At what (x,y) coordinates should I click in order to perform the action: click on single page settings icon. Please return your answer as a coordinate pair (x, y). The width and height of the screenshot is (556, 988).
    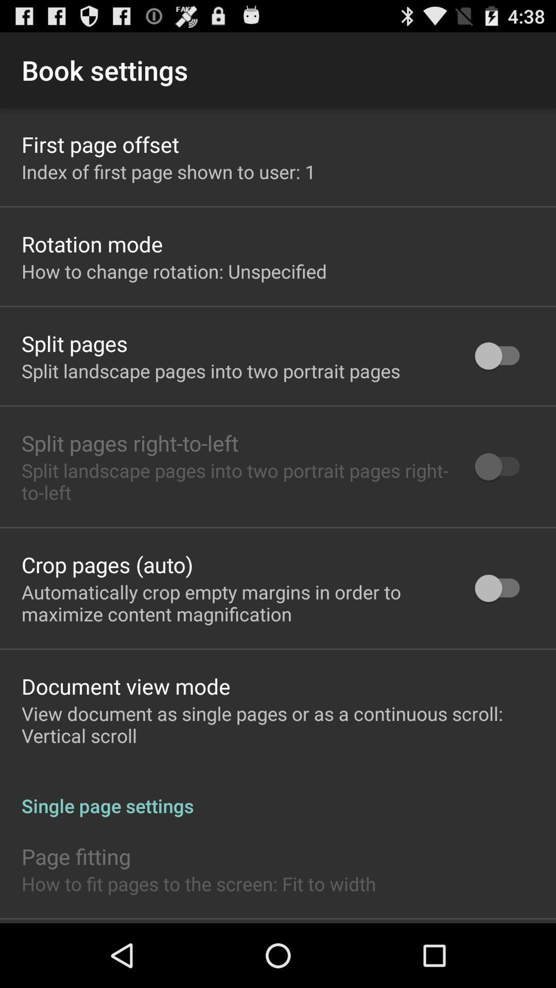
    Looking at the image, I should click on (278, 795).